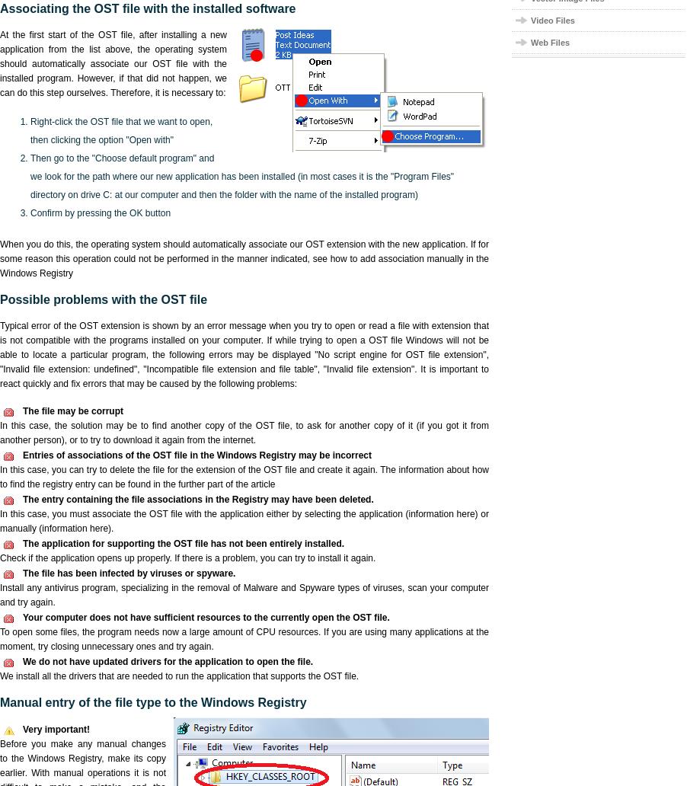  What do you see at coordinates (184, 543) in the screenshot?
I see `'The application for supporting the OST file has not been entirely installed.'` at bounding box center [184, 543].